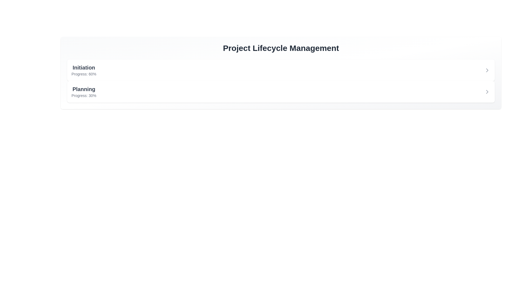 The image size is (518, 291). I want to click on the progress text label indicating 30% completion, located below the 'Planning' text within the 'Project Lifecycle Management' section, so click(83, 95).